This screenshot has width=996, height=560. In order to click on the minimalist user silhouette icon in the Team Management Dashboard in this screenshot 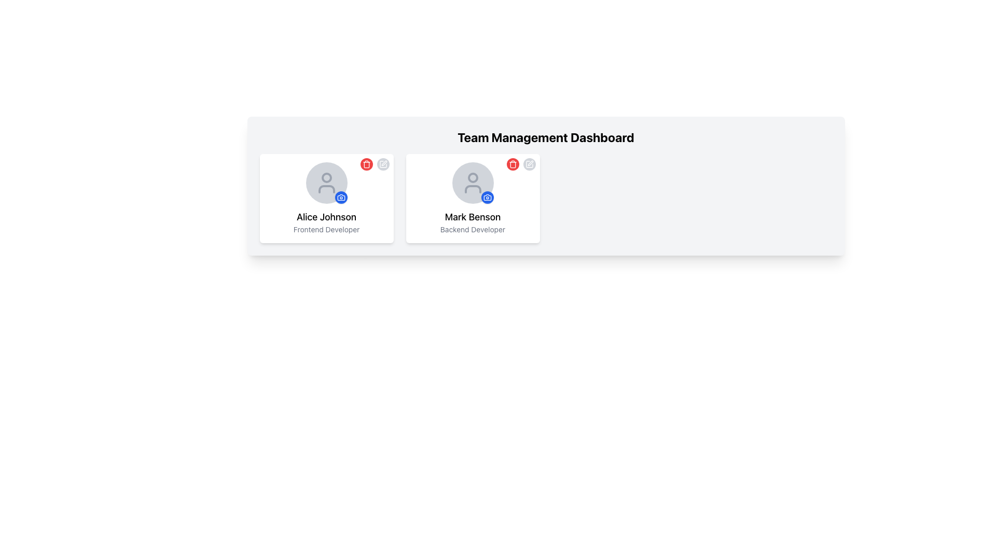, I will do `click(326, 183)`.